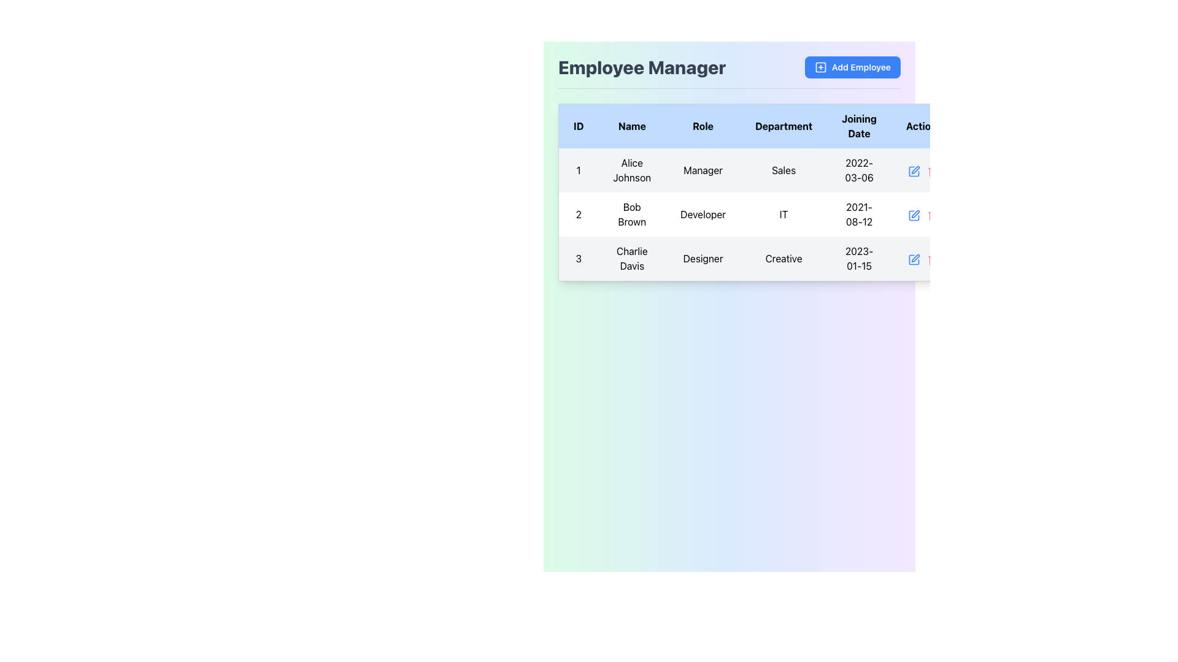  What do you see at coordinates (632, 126) in the screenshot?
I see `the 'Name' column header in the table, which is displayed in bold black font centered in a blue rectangle` at bounding box center [632, 126].